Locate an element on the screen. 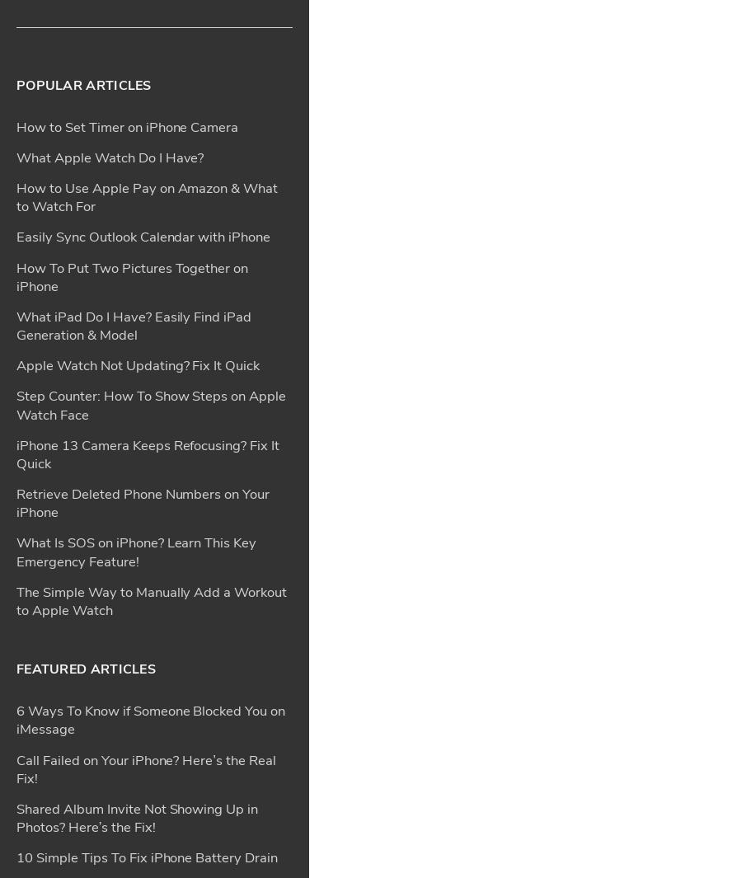 Image resolution: width=746 pixels, height=878 pixels. 'Retrieve Deleted Phone Numbers on Your iPhone' is located at coordinates (16, 17).